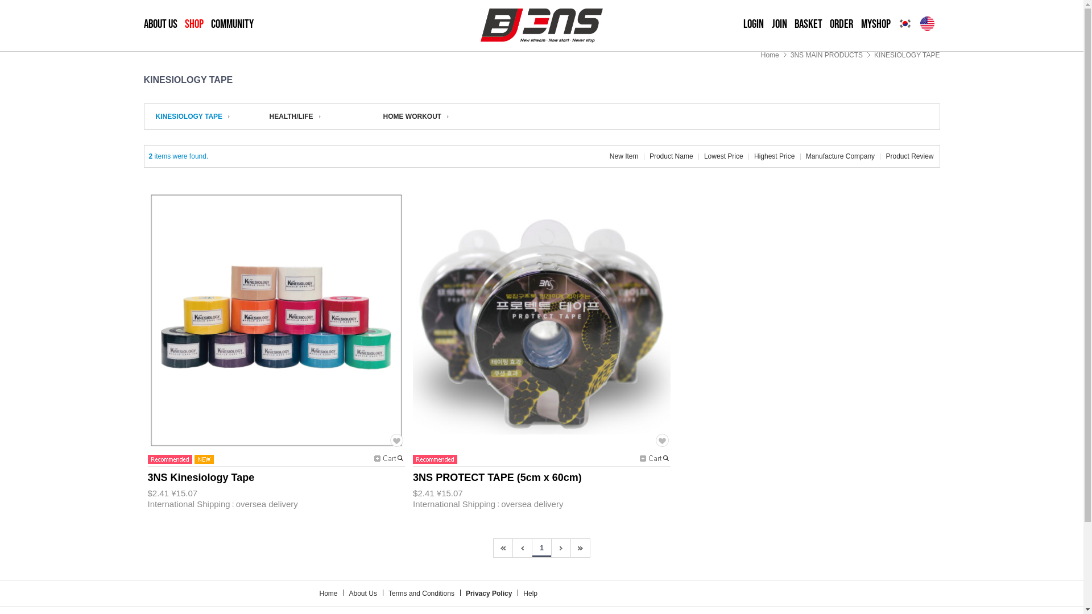  What do you see at coordinates (723, 156) in the screenshot?
I see `'Lowest Price'` at bounding box center [723, 156].